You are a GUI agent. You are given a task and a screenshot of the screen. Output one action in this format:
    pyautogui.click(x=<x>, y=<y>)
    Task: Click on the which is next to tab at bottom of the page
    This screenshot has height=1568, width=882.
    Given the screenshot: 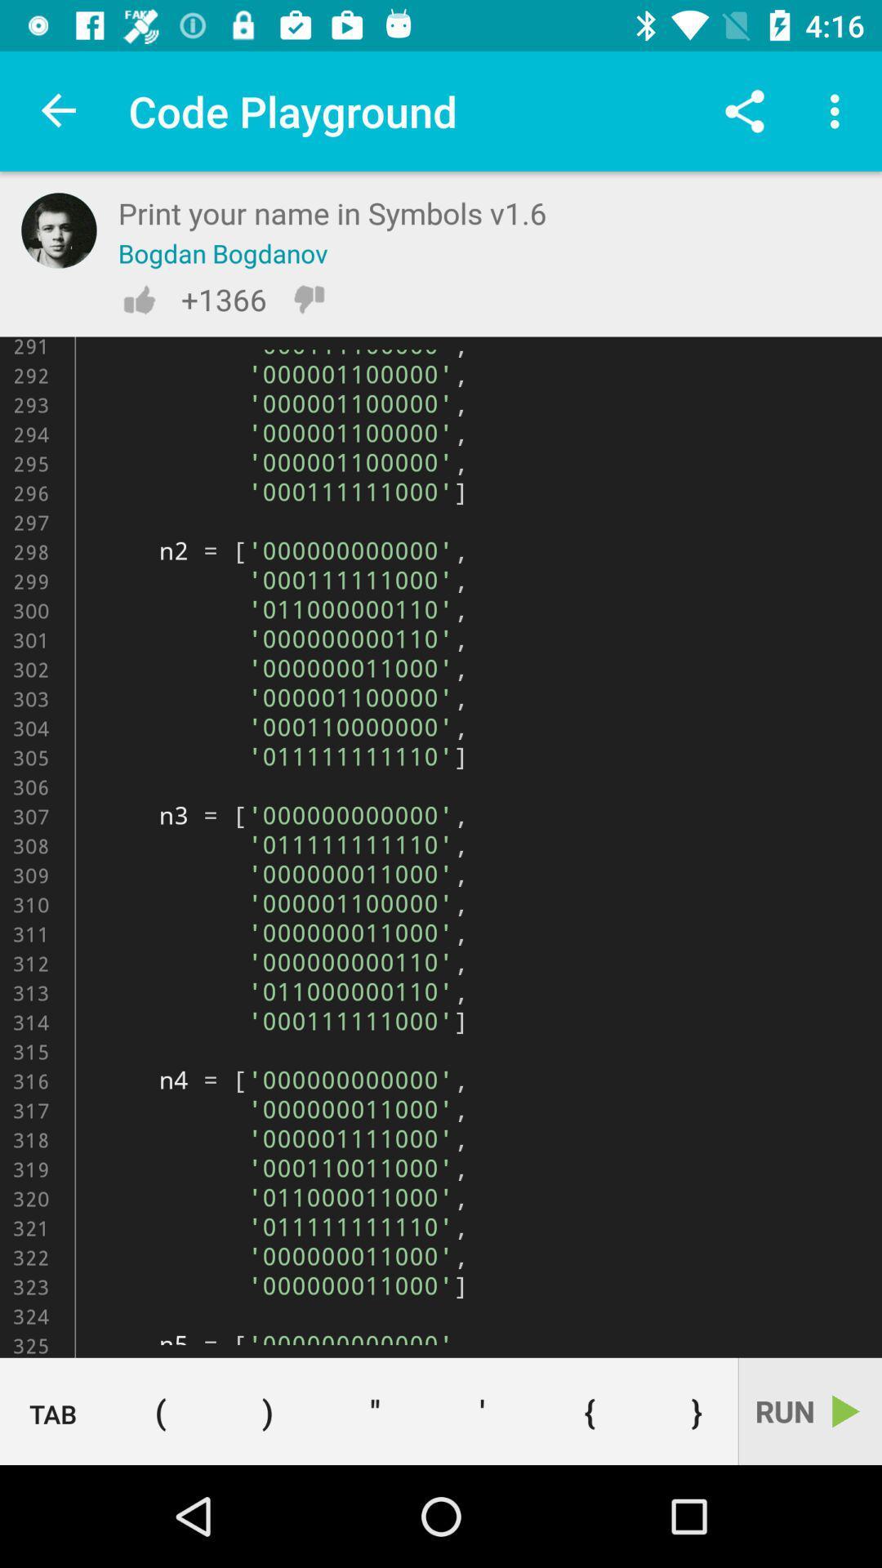 What is the action you would take?
    pyautogui.click(x=160, y=1410)
    